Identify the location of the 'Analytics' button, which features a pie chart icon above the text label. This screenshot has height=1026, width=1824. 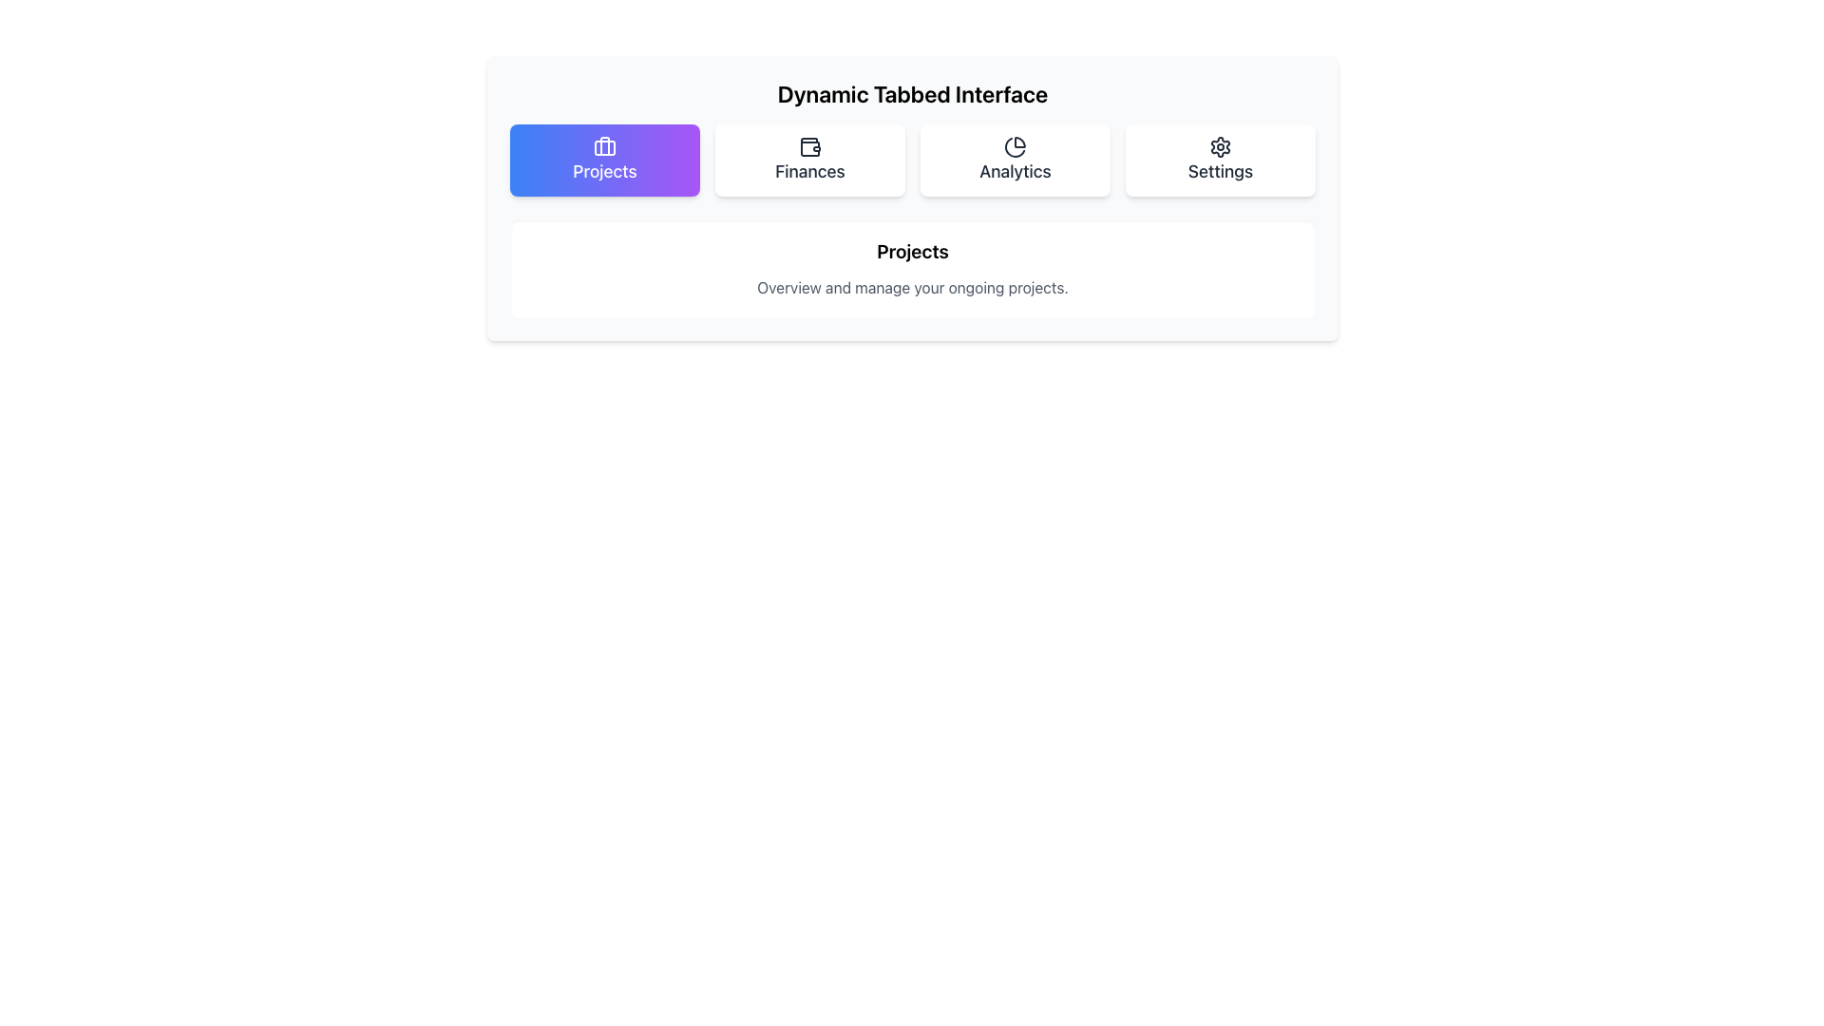
(1015, 160).